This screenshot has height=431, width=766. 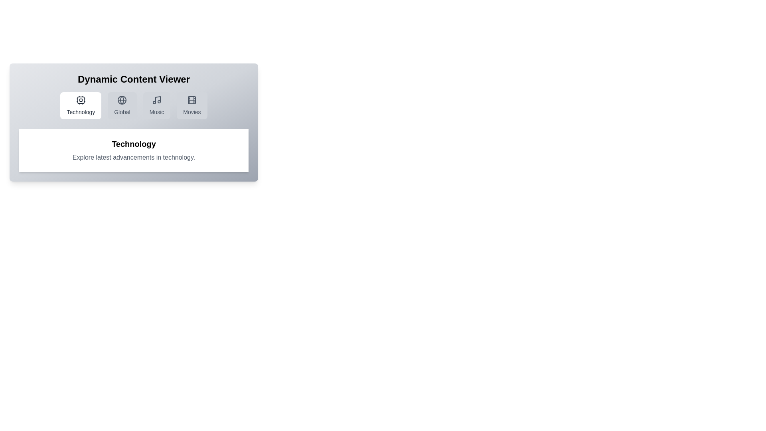 What do you see at coordinates (191, 105) in the screenshot?
I see `the Movies tab to display its content` at bounding box center [191, 105].